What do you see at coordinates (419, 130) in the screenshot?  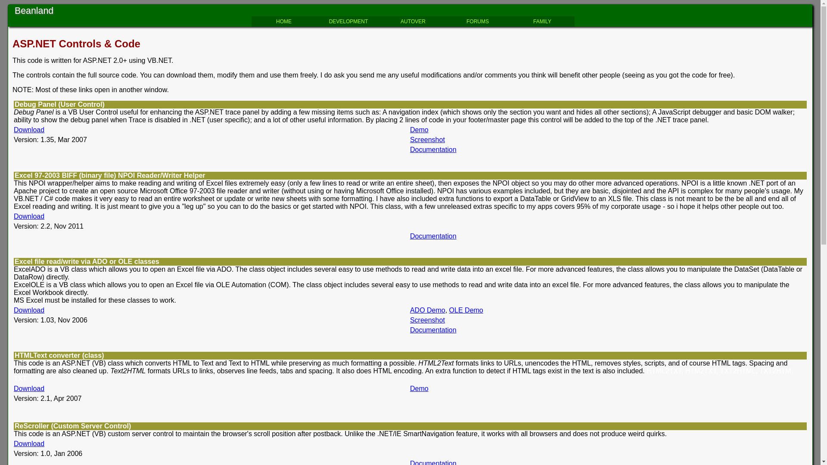 I see `'Demo'` at bounding box center [419, 130].